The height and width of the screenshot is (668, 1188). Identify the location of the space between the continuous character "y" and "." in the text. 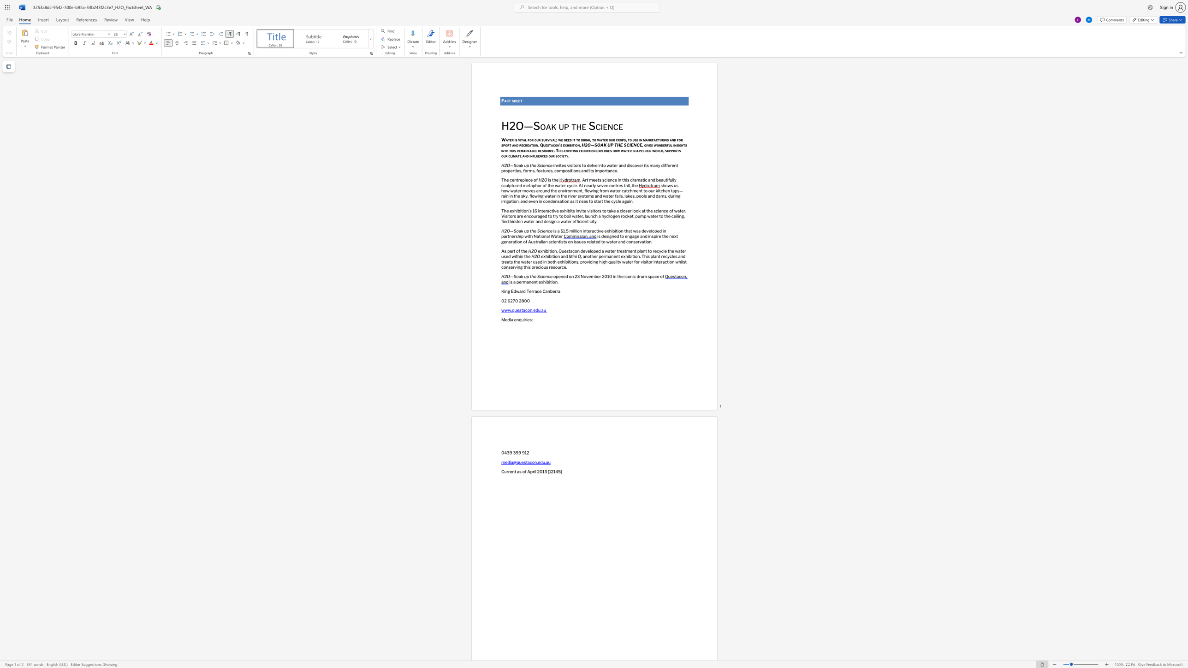
(568, 155).